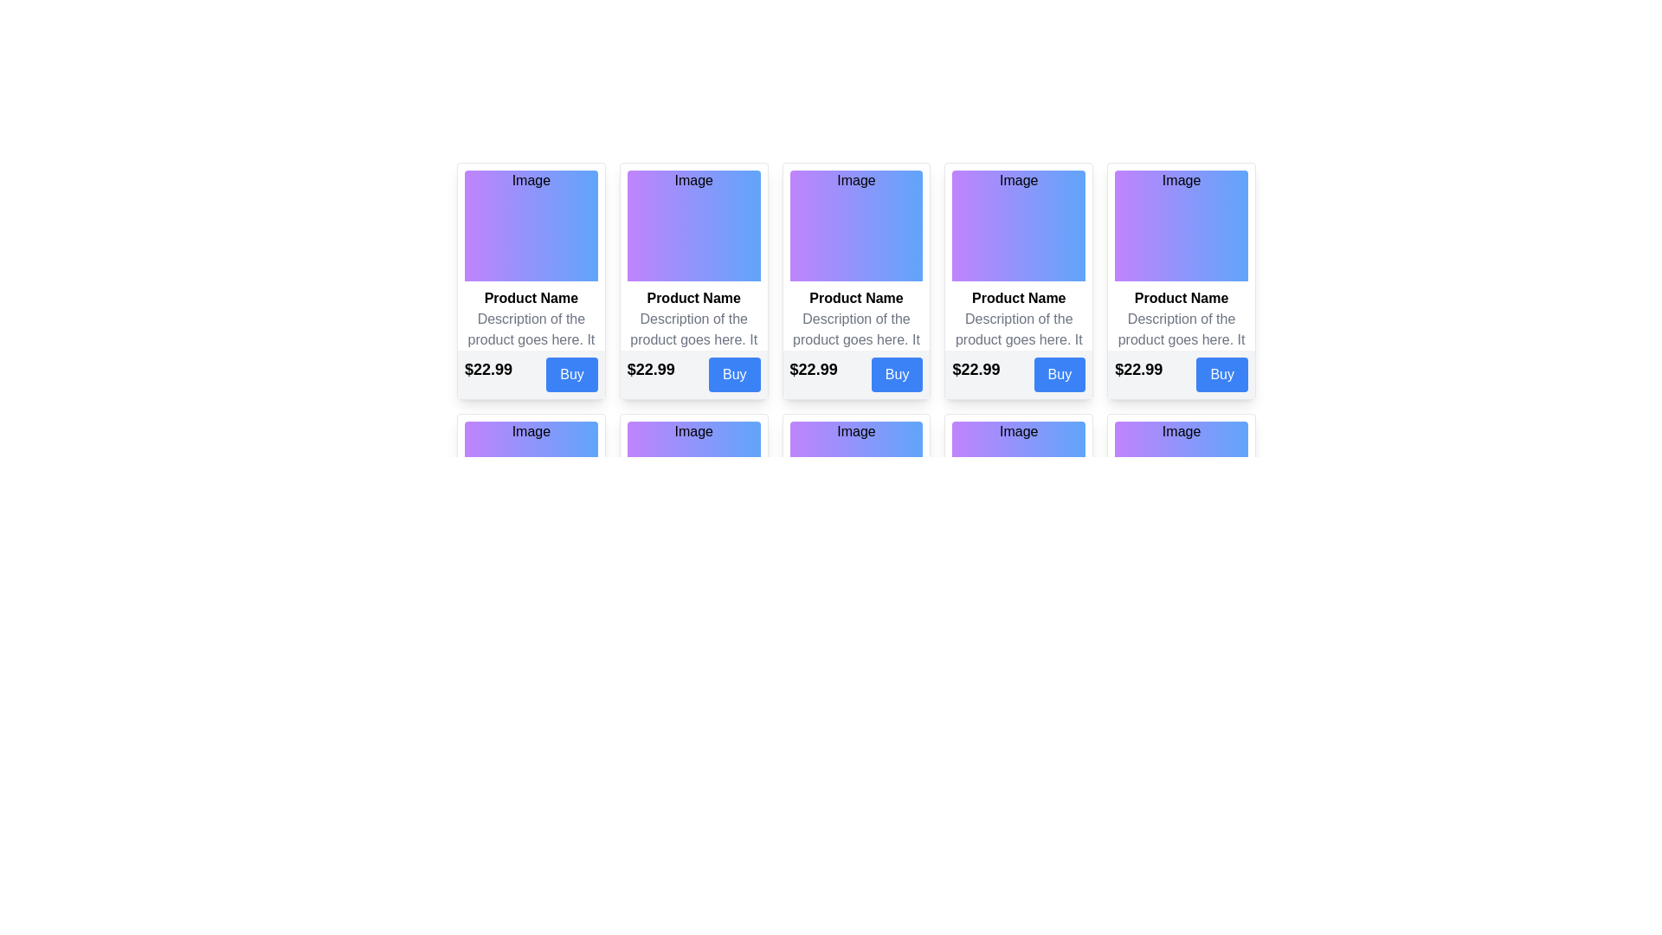  Describe the element at coordinates (856, 351) in the screenshot. I see `the text block that provides a description of the product, located below 'Product Name' and above the price and 'Buy' button in the third column of the product card layout` at that location.